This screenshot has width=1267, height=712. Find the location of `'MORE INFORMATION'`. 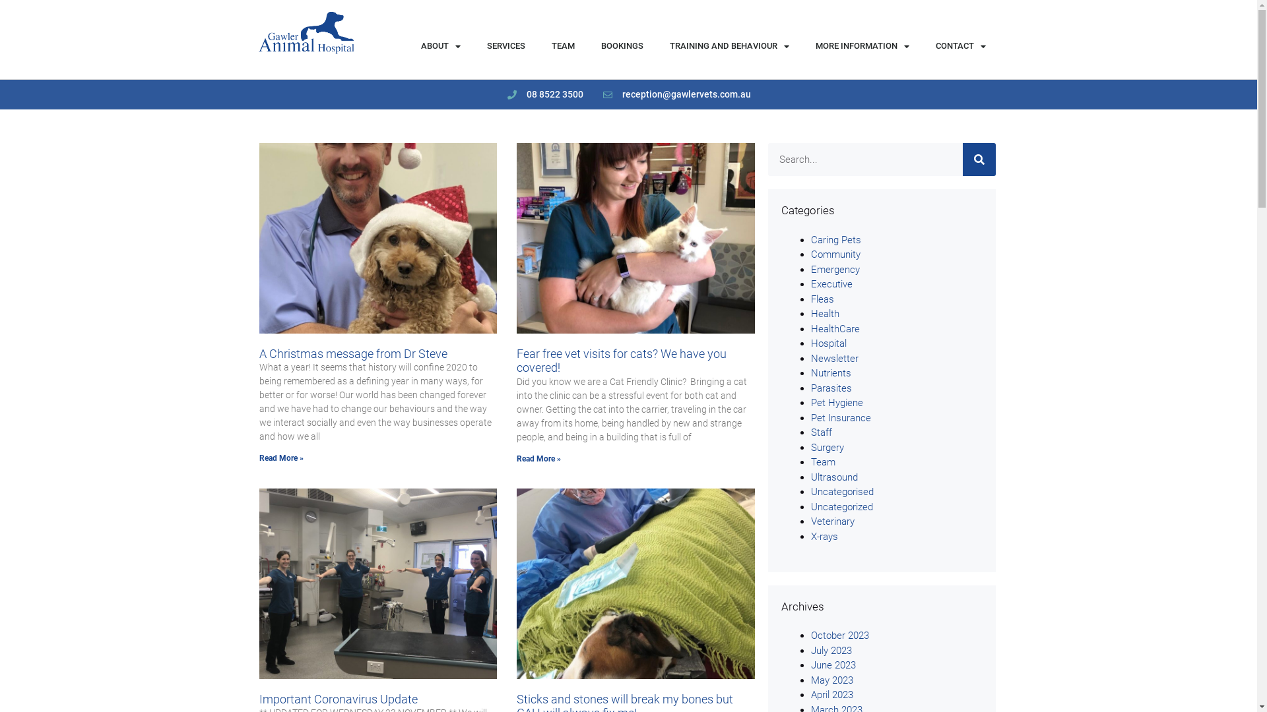

'MORE INFORMATION' is located at coordinates (862, 45).